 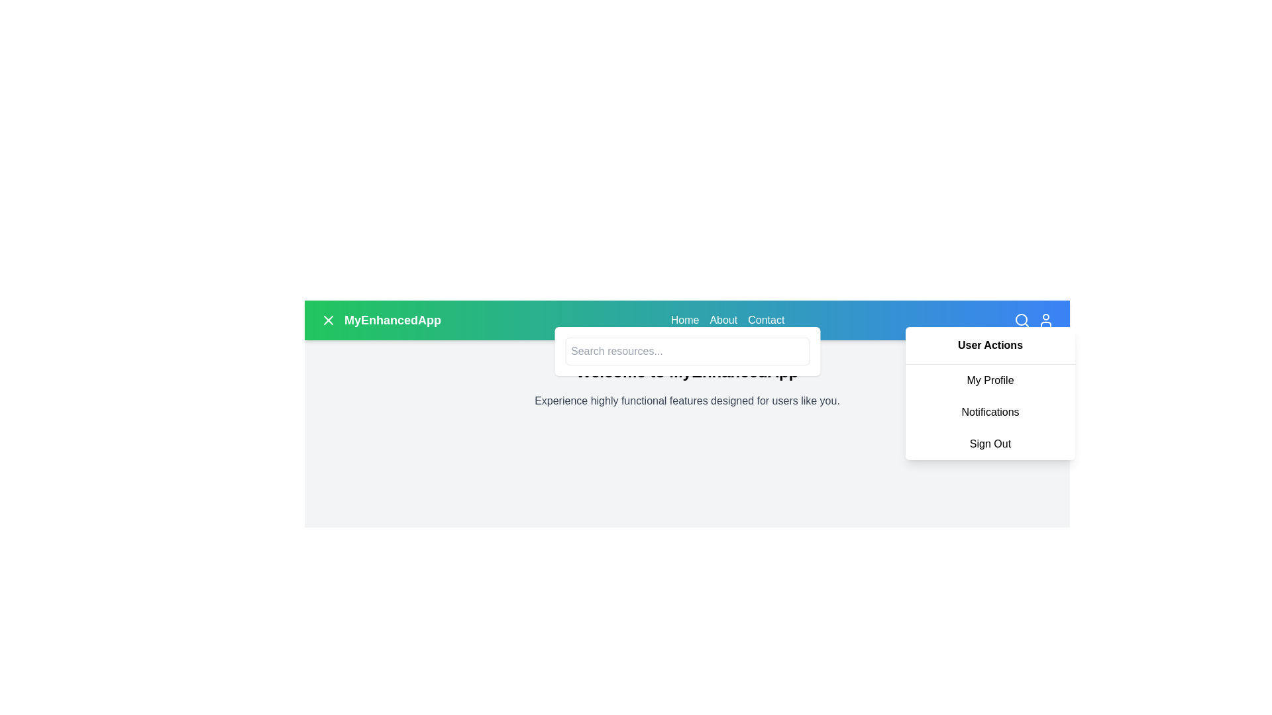 What do you see at coordinates (328, 320) in the screenshot?
I see `the 'X' button icon located` at bounding box center [328, 320].